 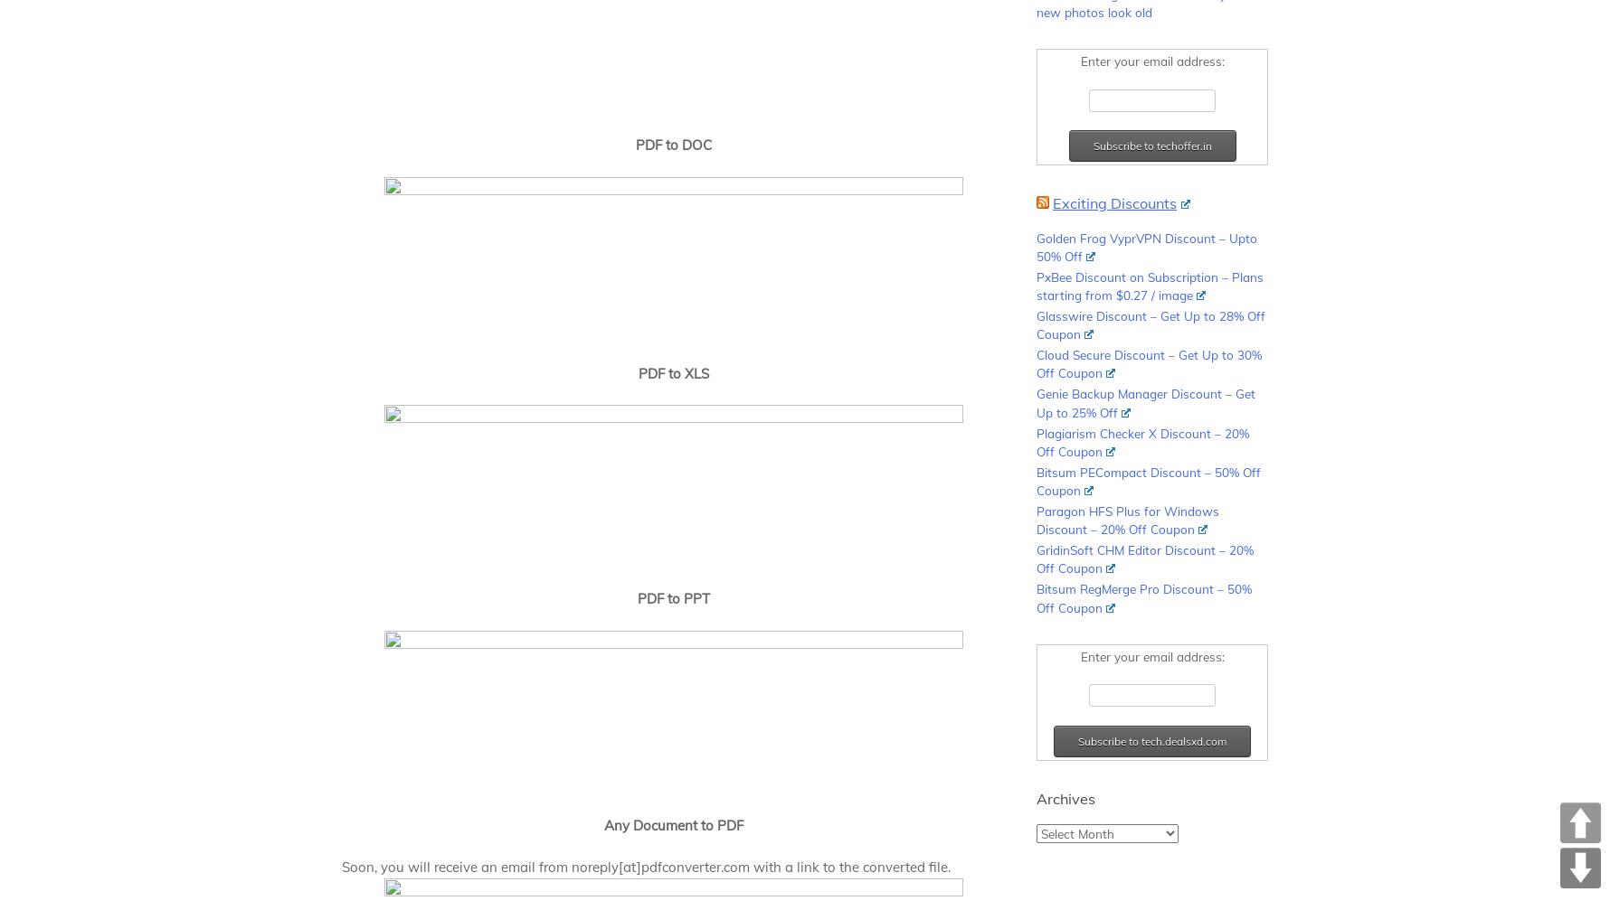 I want to click on 'Any Document to PDF', so click(x=673, y=823).